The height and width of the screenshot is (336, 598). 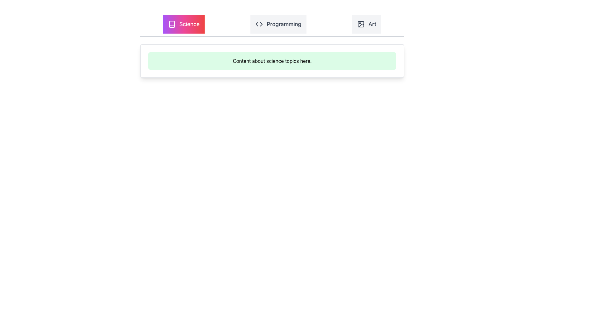 I want to click on the 'Science' text label, which is a bold, large white font on a gradient background, so click(x=189, y=24).